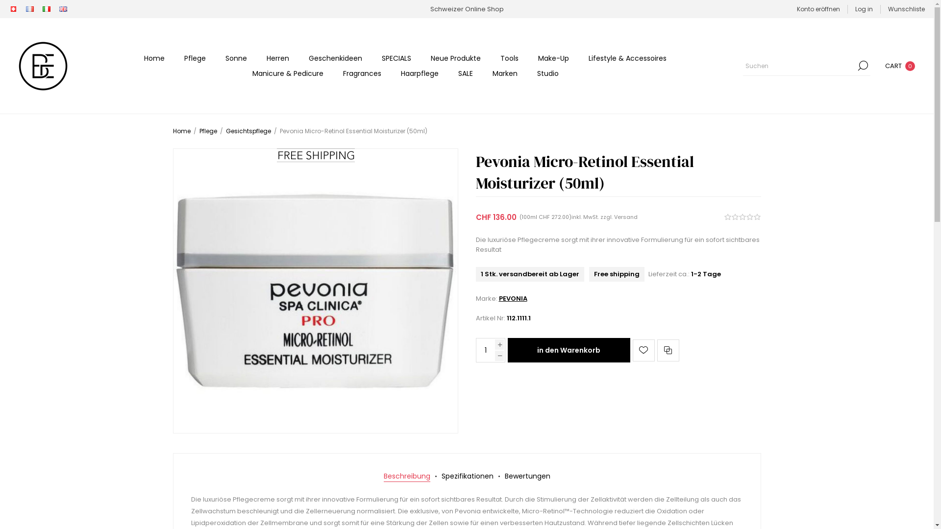 The width and height of the screenshot is (941, 529). I want to click on 'Spezifikationen', so click(441, 476).